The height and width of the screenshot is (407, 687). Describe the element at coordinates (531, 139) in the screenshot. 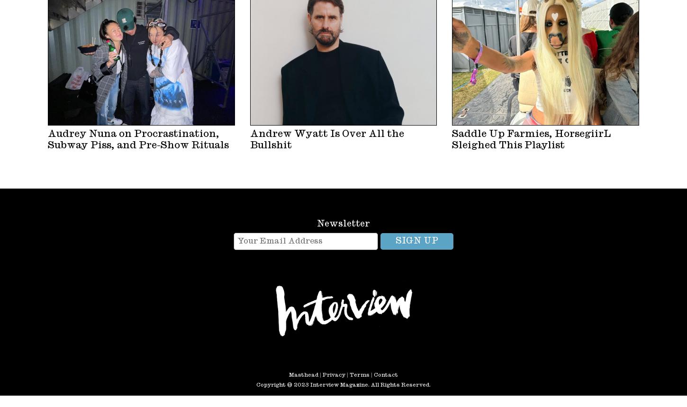

I see `'Saddle Up Farmies, HorsegiirL Sleighed This Playlist'` at that location.